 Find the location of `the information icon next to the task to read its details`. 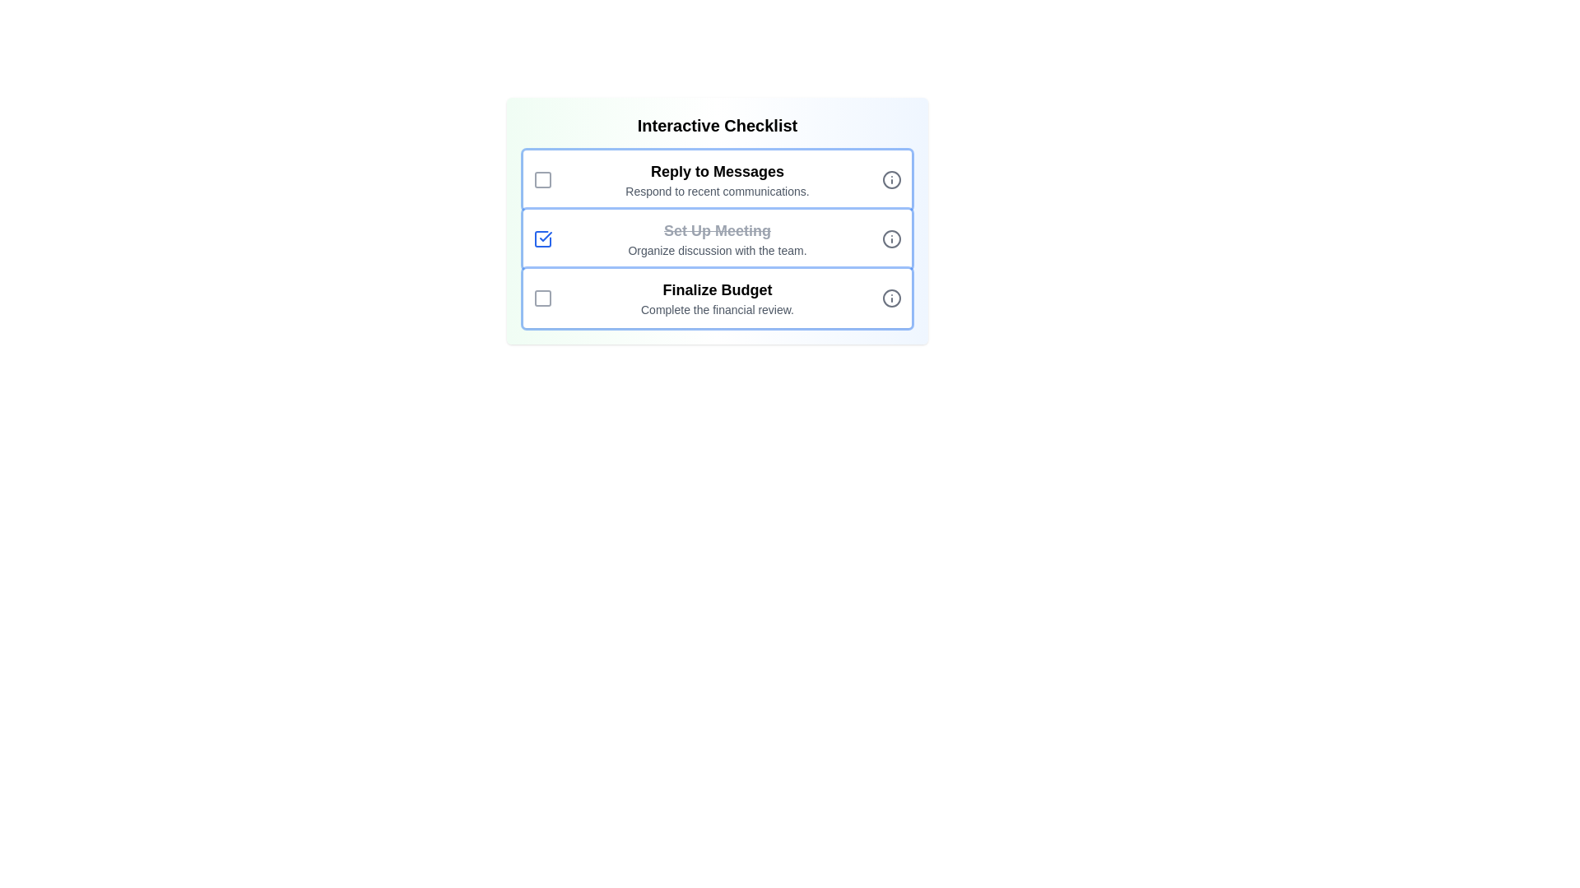

the information icon next to the task to read its details is located at coordinates (891, 180).